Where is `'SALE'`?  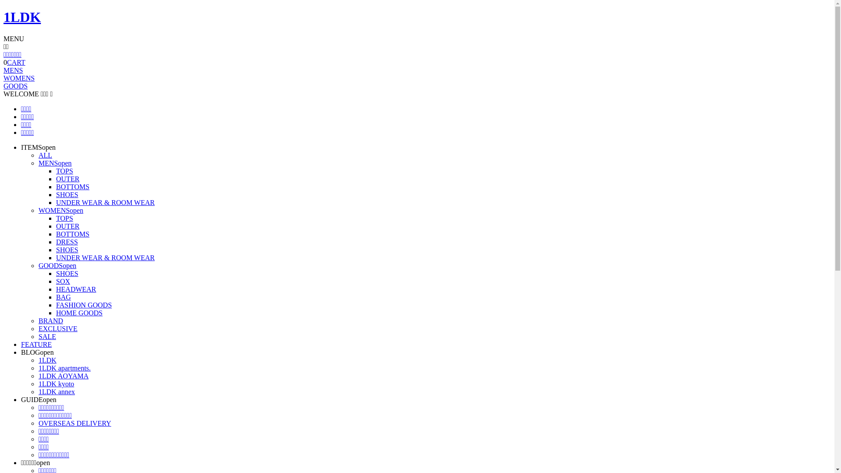 'SALE' is located at coordinates (46, 336).